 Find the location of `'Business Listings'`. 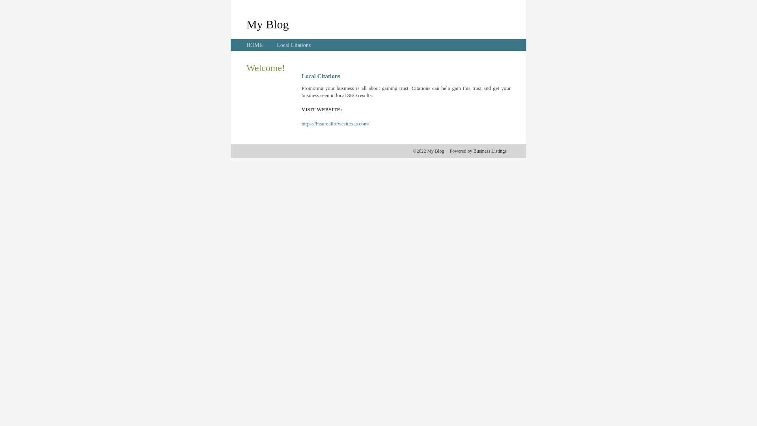

'Business Listings' is located at coordinates (473, 151).